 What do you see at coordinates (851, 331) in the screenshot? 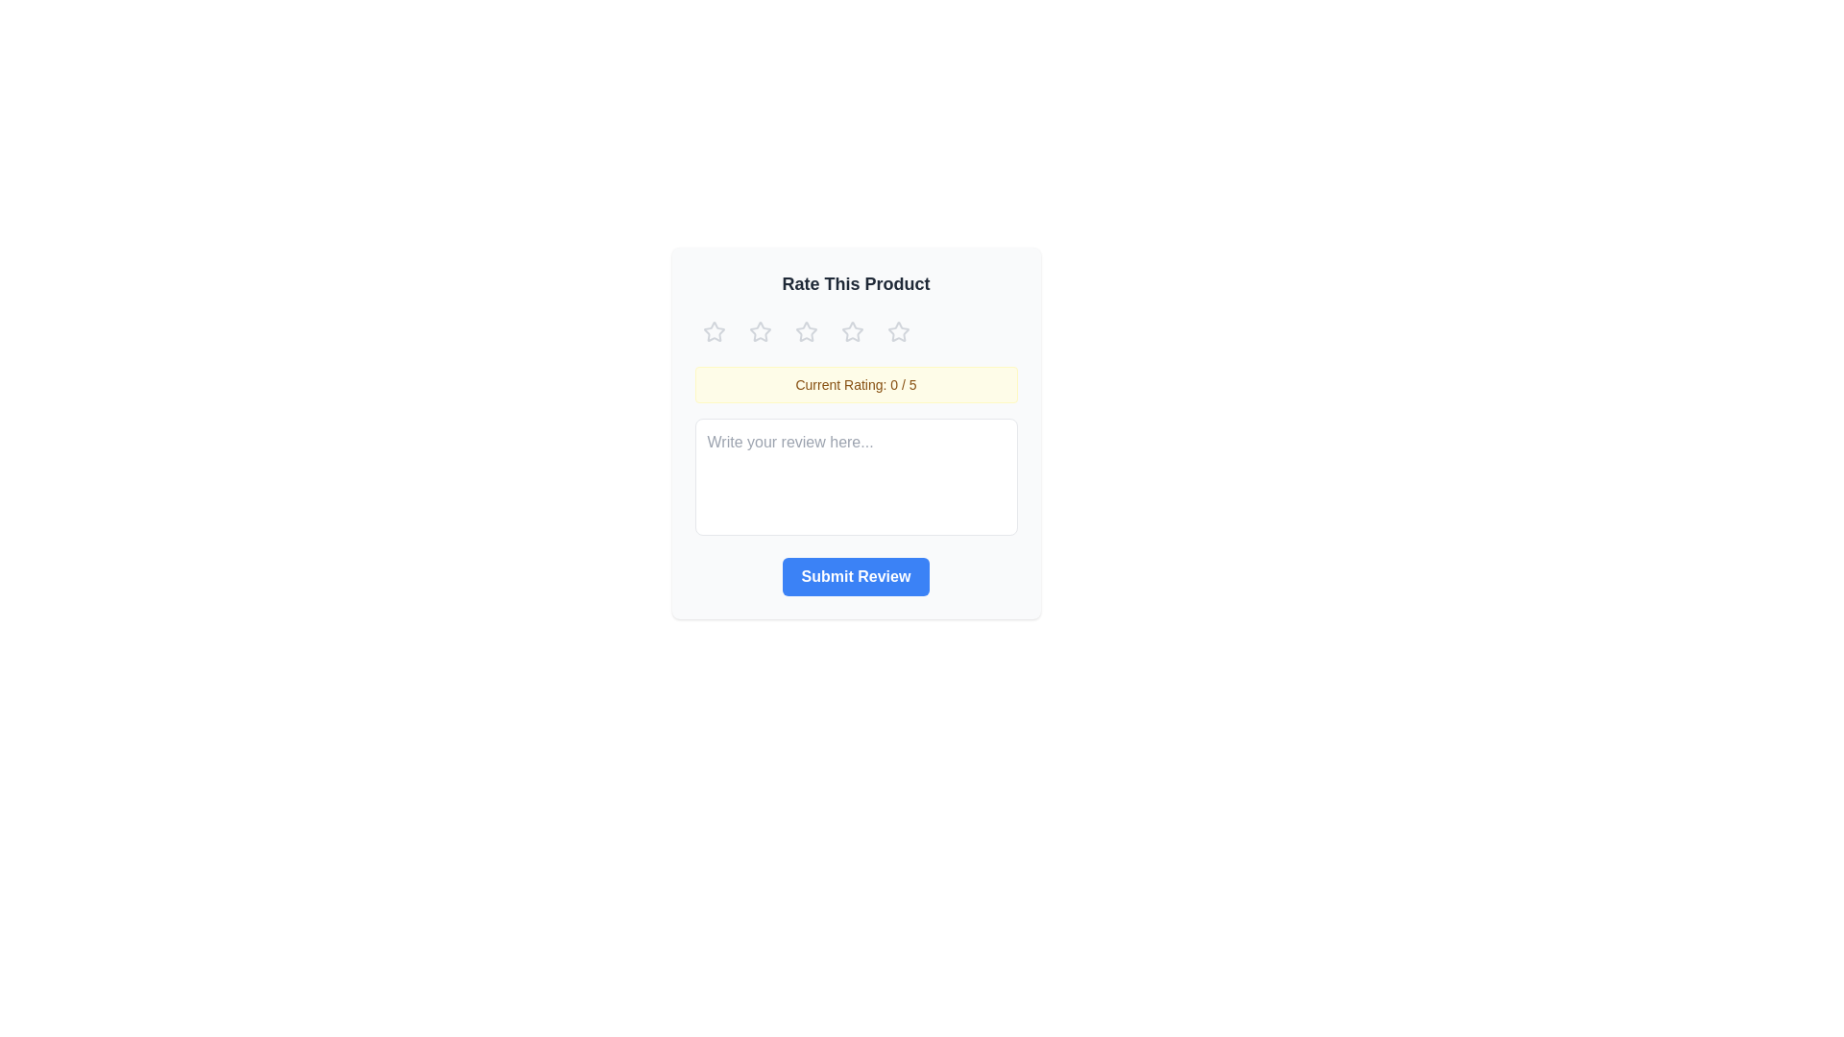
I see `the star corresponding to the desired rating 4` at bounding box center [851, 331].